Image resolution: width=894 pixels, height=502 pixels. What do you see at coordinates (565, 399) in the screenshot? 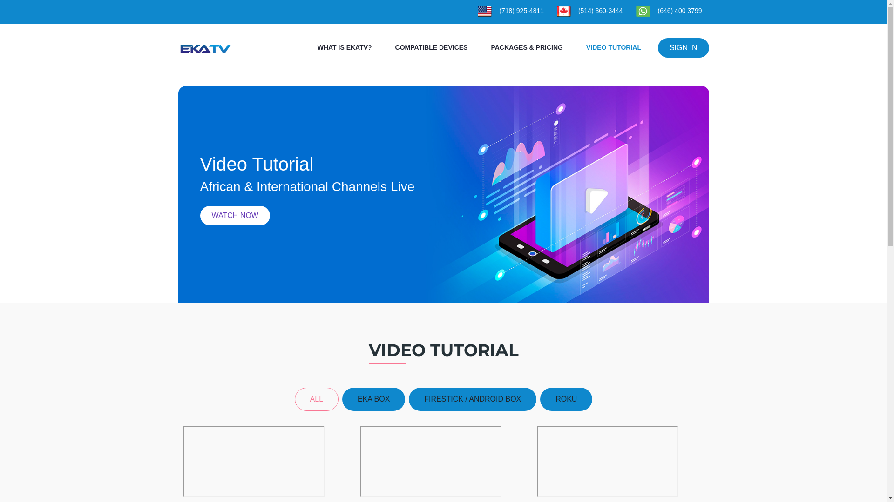
I see `'ROKU'` at bounding box center [565, 399].